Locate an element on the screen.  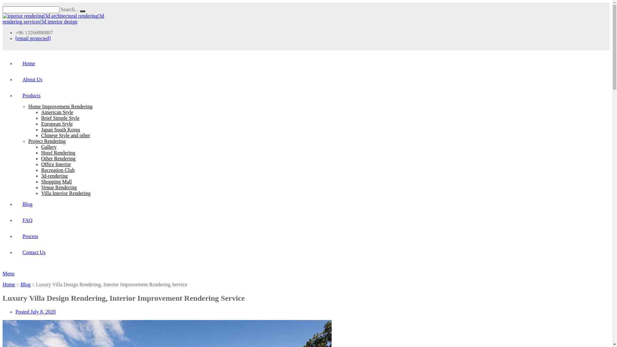
'European Style' is located at coordinates (41, 124).